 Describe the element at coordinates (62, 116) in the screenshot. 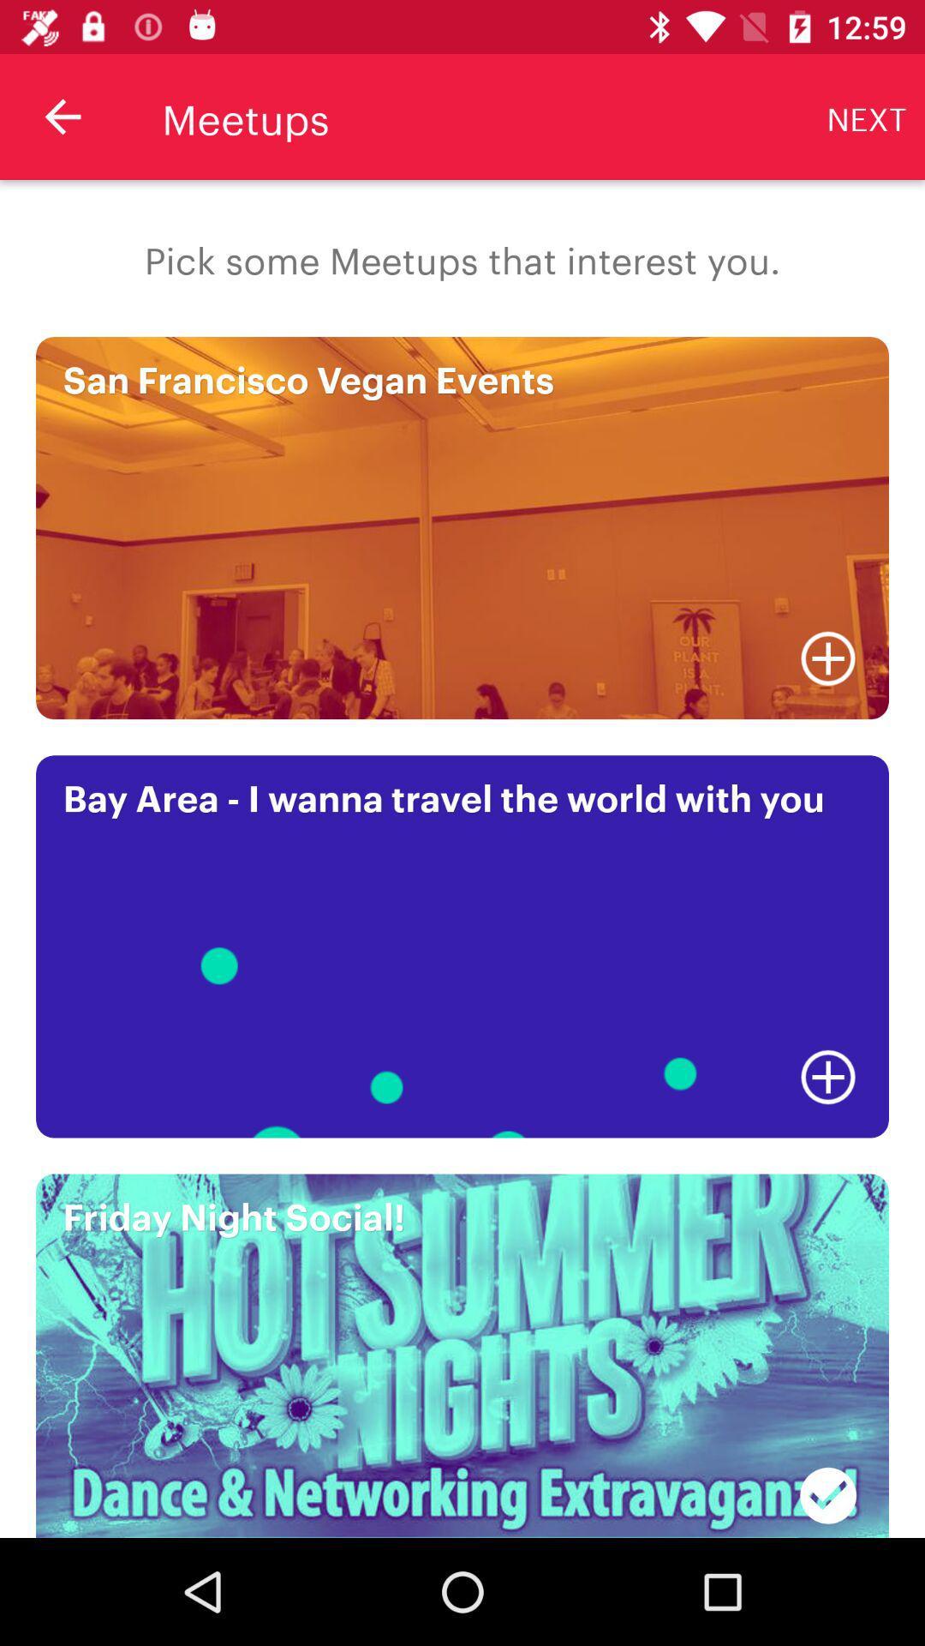

I see `icon to the left of meetups item` at that location.